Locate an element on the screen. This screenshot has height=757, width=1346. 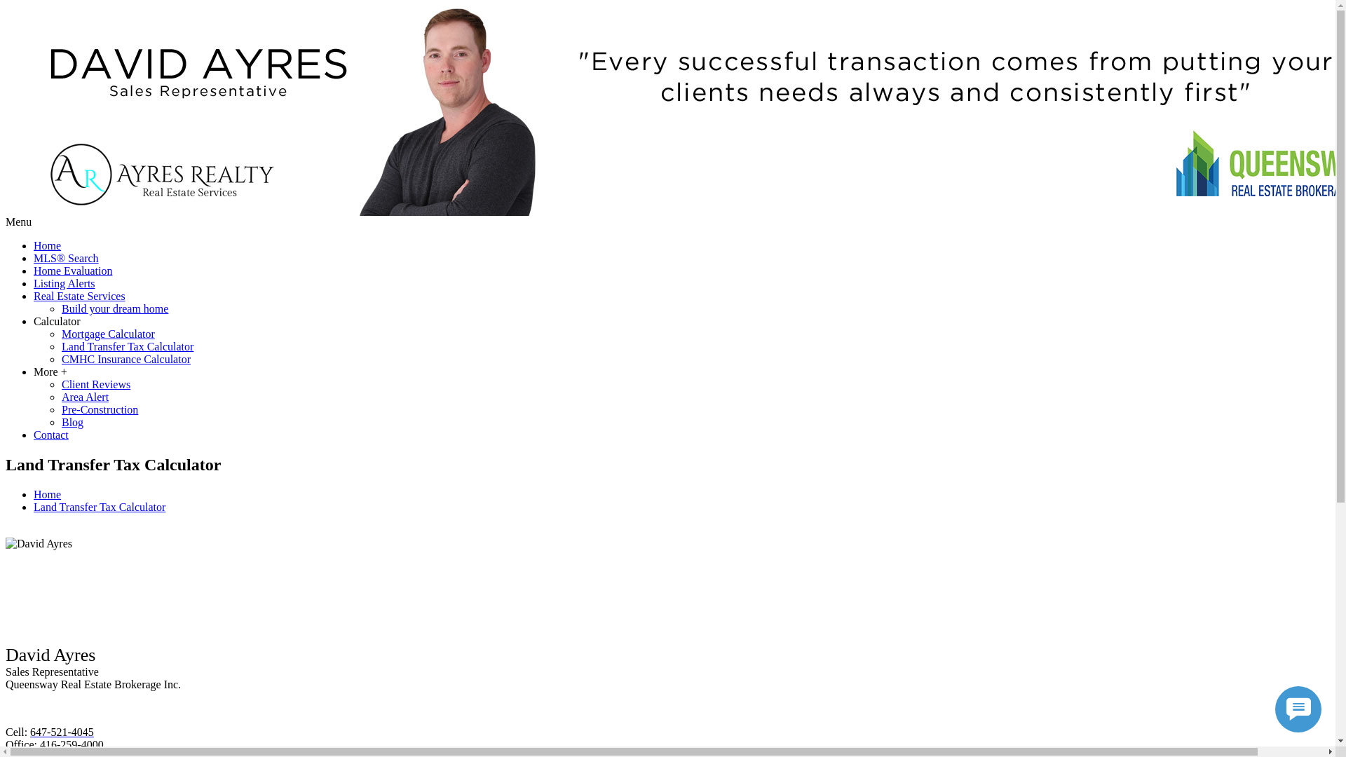
'647-521-4045' is located at coordinates (61, 731).